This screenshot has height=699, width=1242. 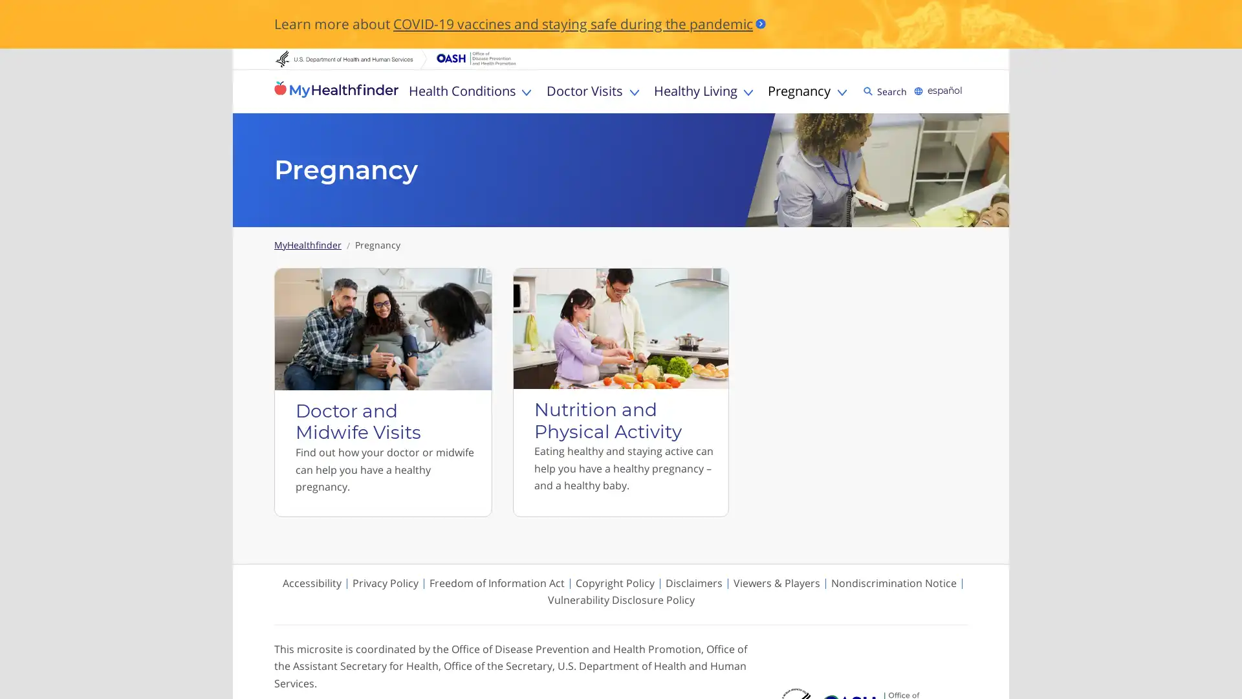 What do you see at coordinates (527, 91) in the screenshot?
I see `Toggle Health Conditions sub menu` at bounding box center [527, 91].